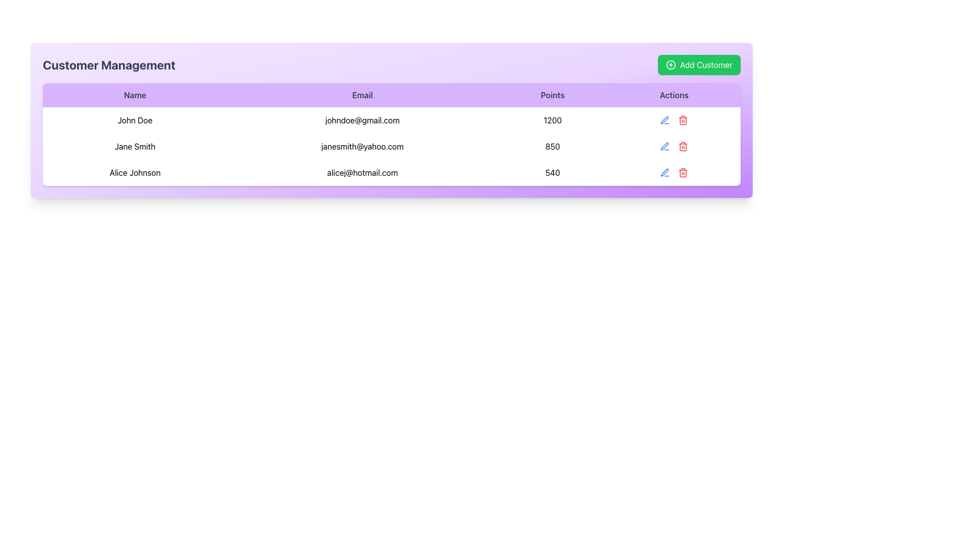  I want to click on the edit icon button (pen) in the Actions column of the third row corresponding to Alice Johnson to initiate an edit action, so click(665, 172).